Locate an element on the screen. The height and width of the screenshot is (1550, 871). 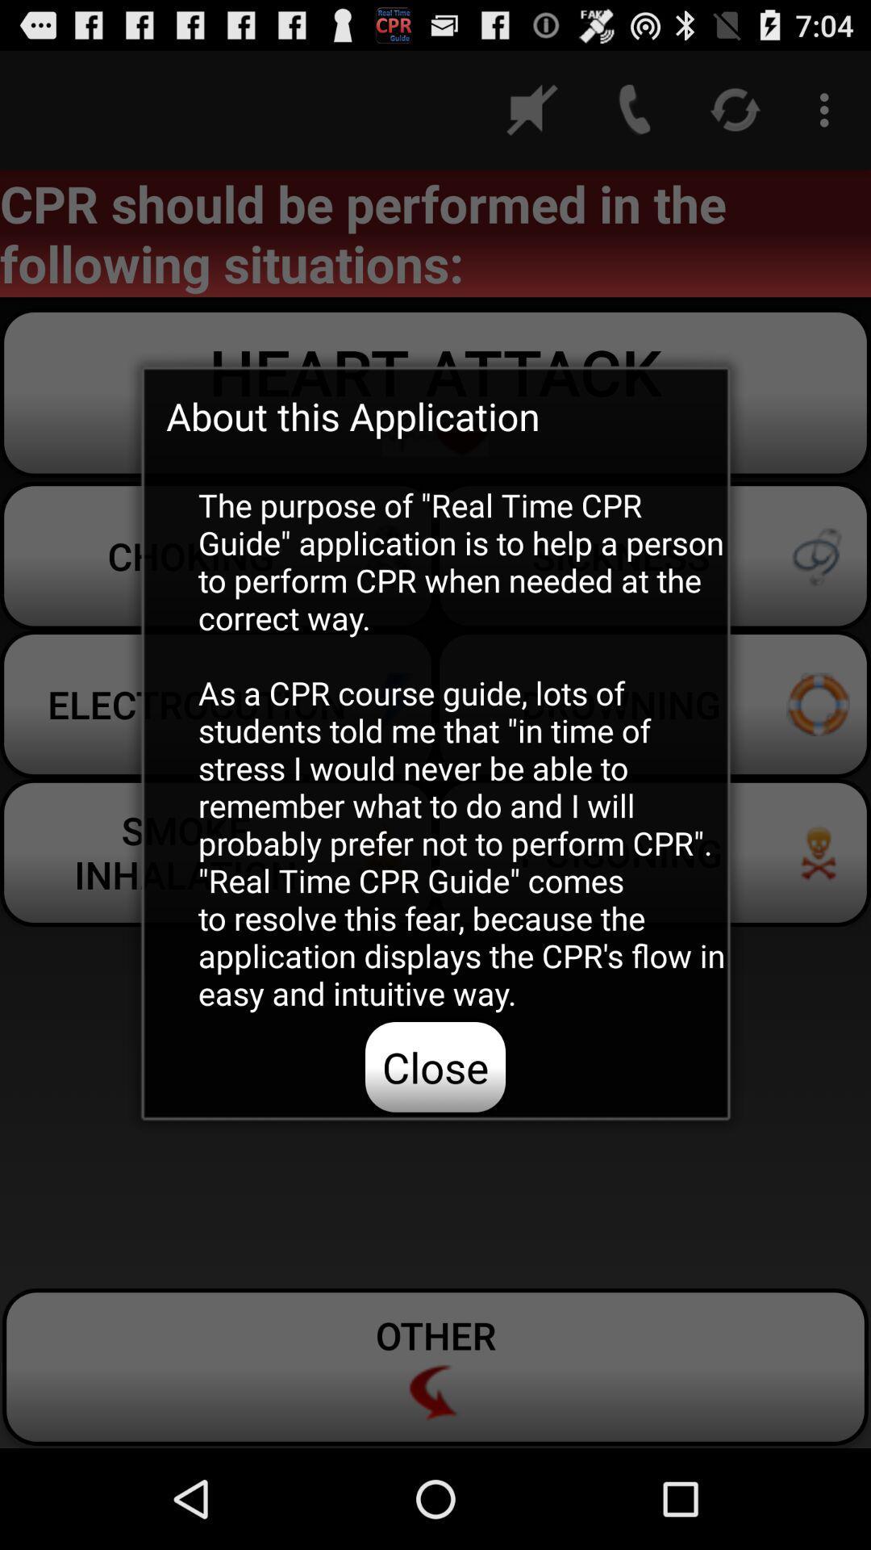
close item is located at coordinates (435, 1066).